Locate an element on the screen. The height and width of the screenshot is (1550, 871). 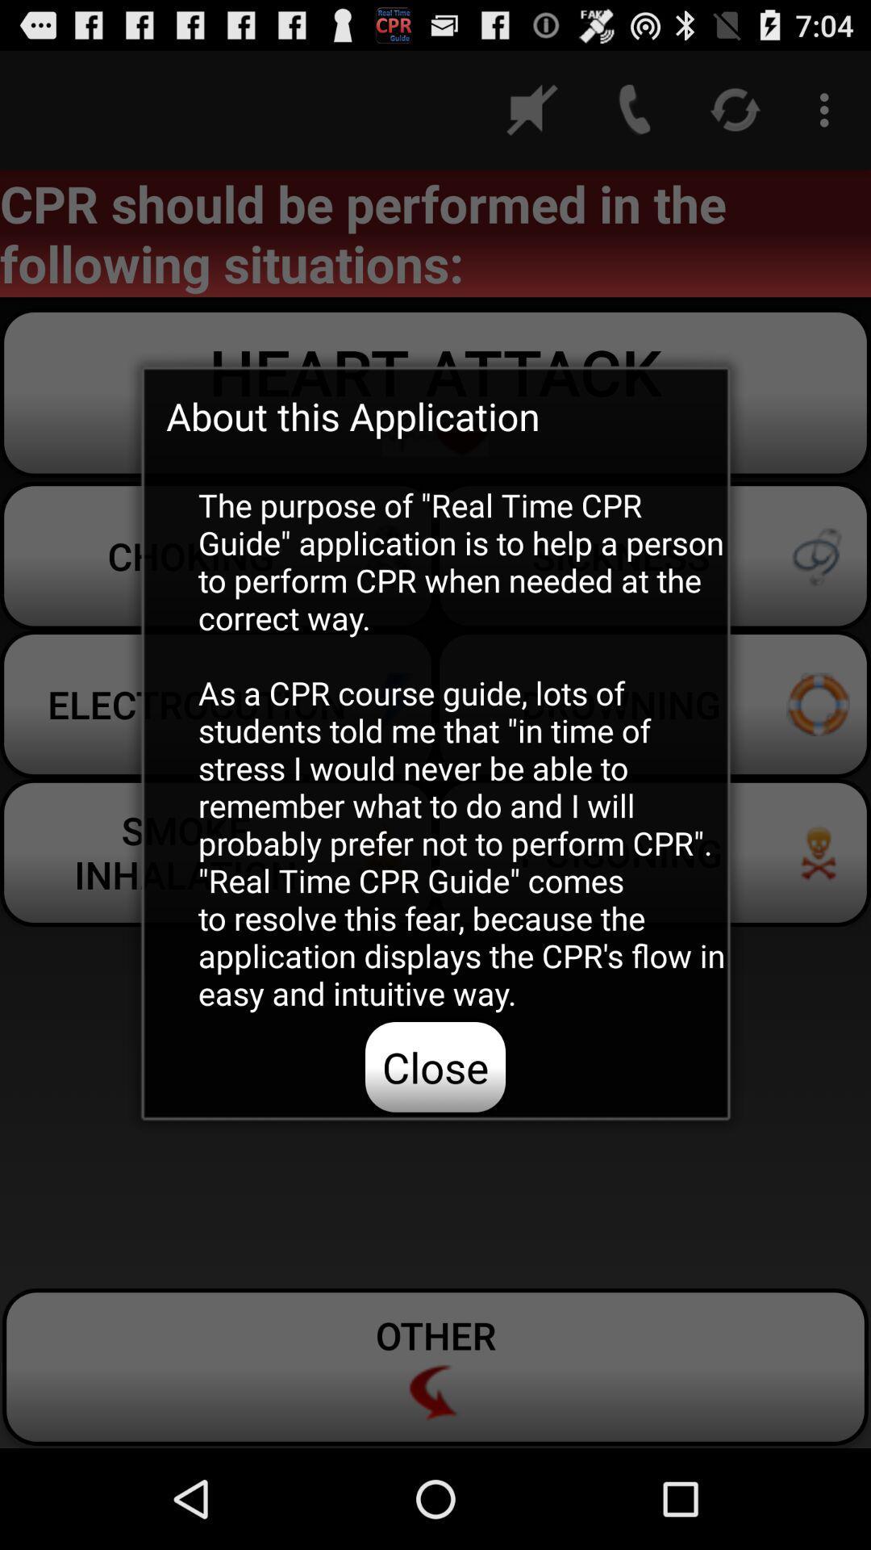
close item is located at coordinates (435, 1066).